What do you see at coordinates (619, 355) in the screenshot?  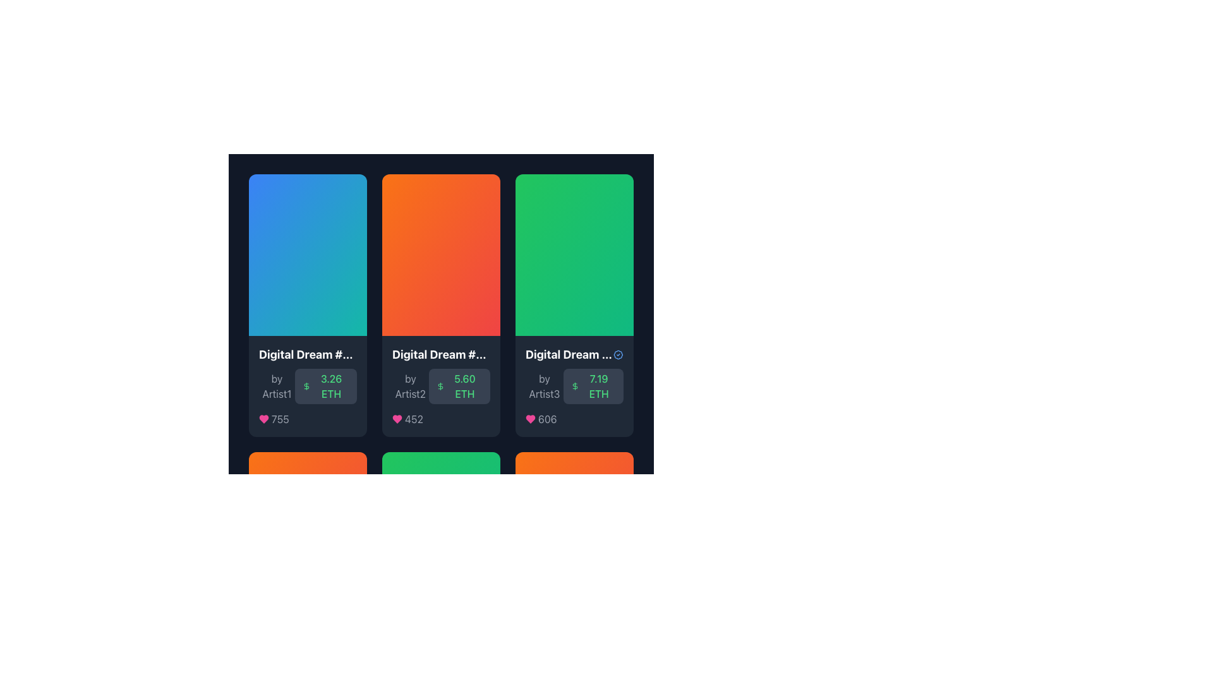 I see `the inner circular part of the badge icon located in the top-right corner of the third item in a horizontal list of cards` at bounding box center [619, 355].